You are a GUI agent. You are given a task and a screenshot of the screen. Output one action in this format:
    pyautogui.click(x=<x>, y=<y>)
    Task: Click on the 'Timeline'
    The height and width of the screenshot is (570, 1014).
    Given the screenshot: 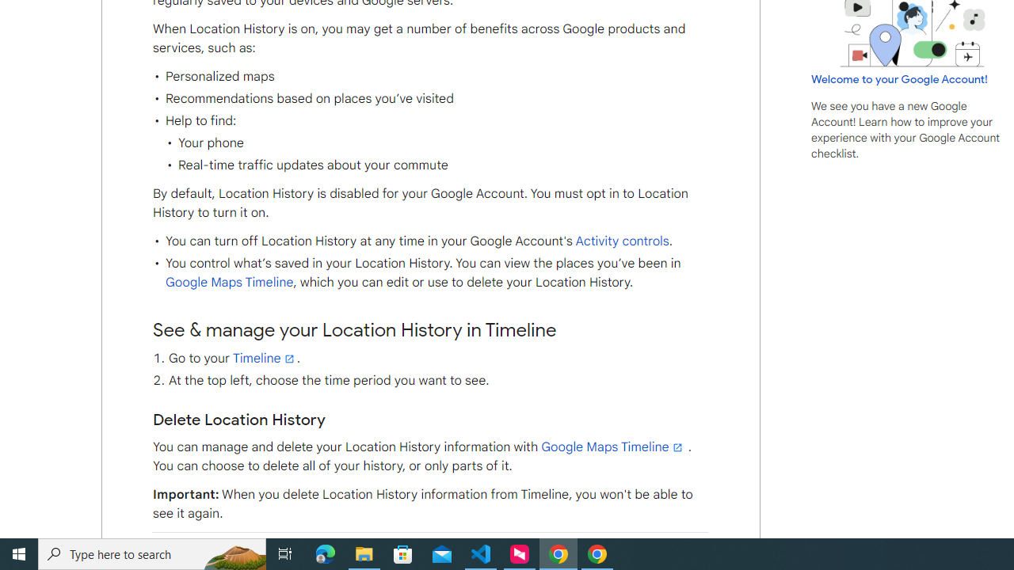 What is the action you would take?
    pyautogui.click(x=265, y=358)
    